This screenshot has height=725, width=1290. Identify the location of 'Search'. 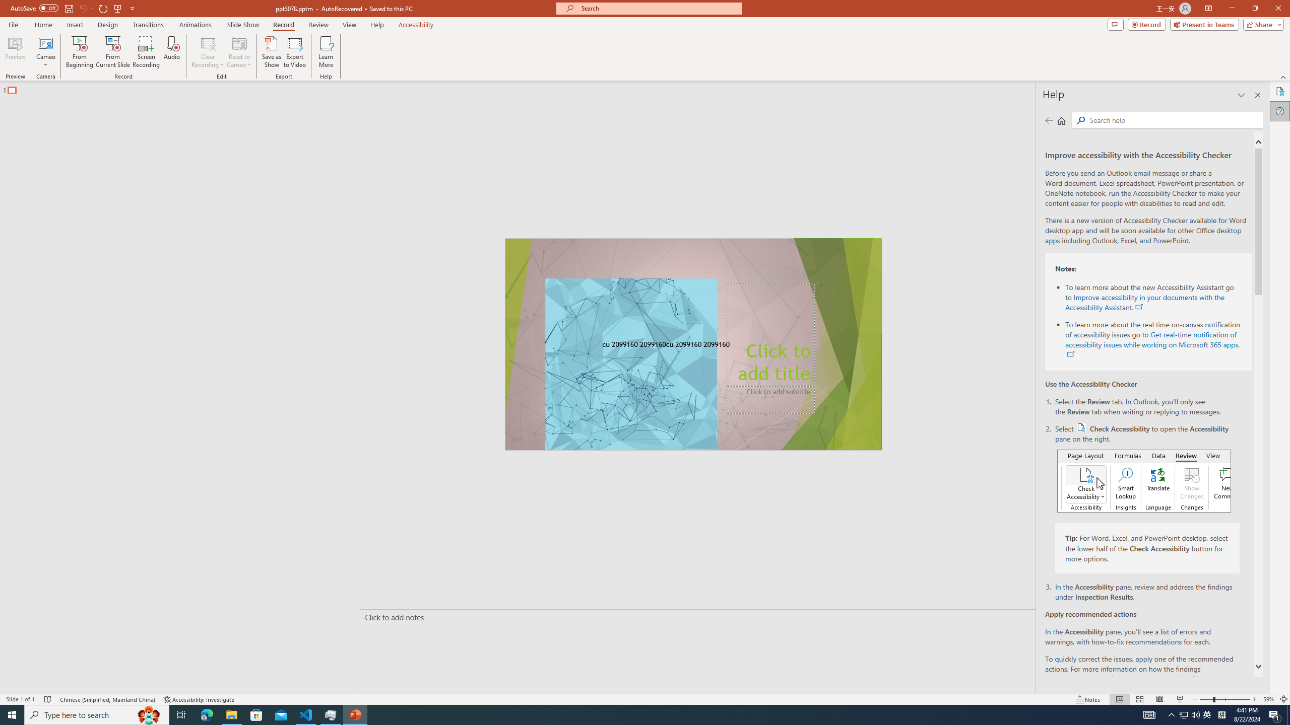
(1174, 119).